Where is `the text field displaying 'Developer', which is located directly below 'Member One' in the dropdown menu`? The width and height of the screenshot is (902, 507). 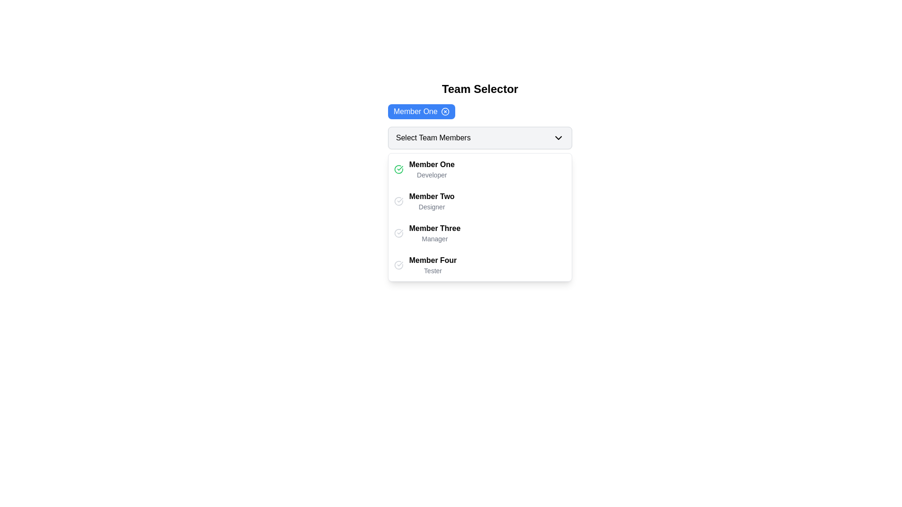 the text field displaying 'Developer', which is located directly below 'Member One' in the dropdown menu is located at coordinates (431, 175).